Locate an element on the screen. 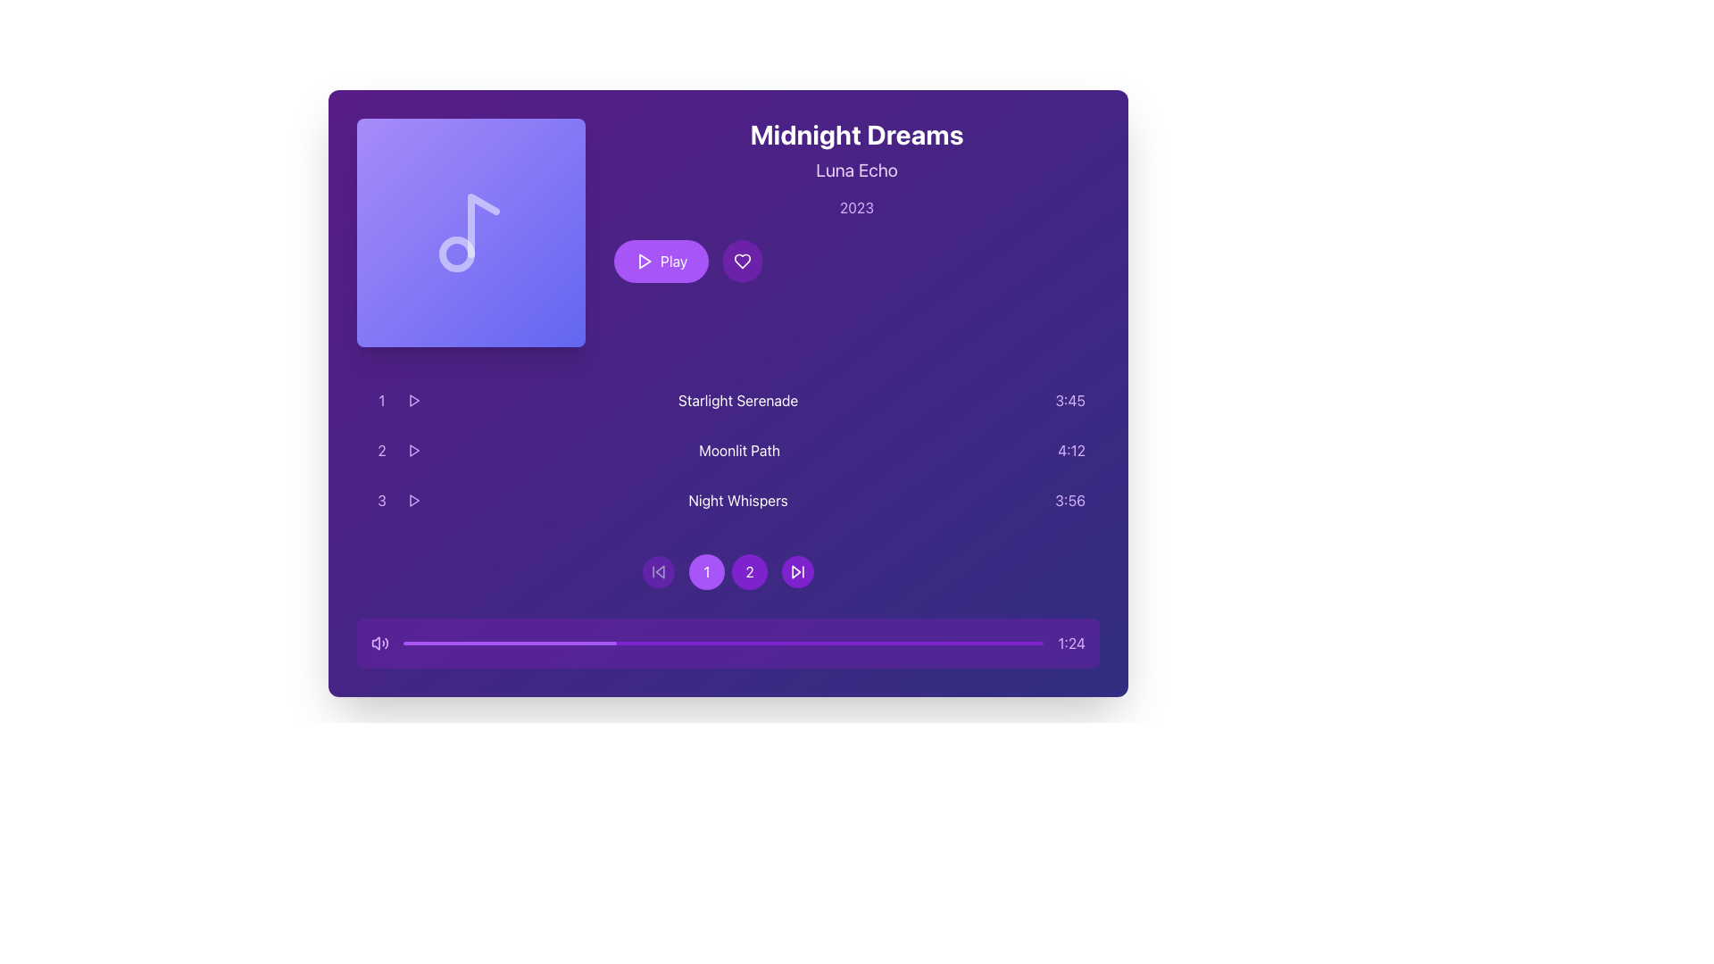  the progress is located at coordinates (538, 644).